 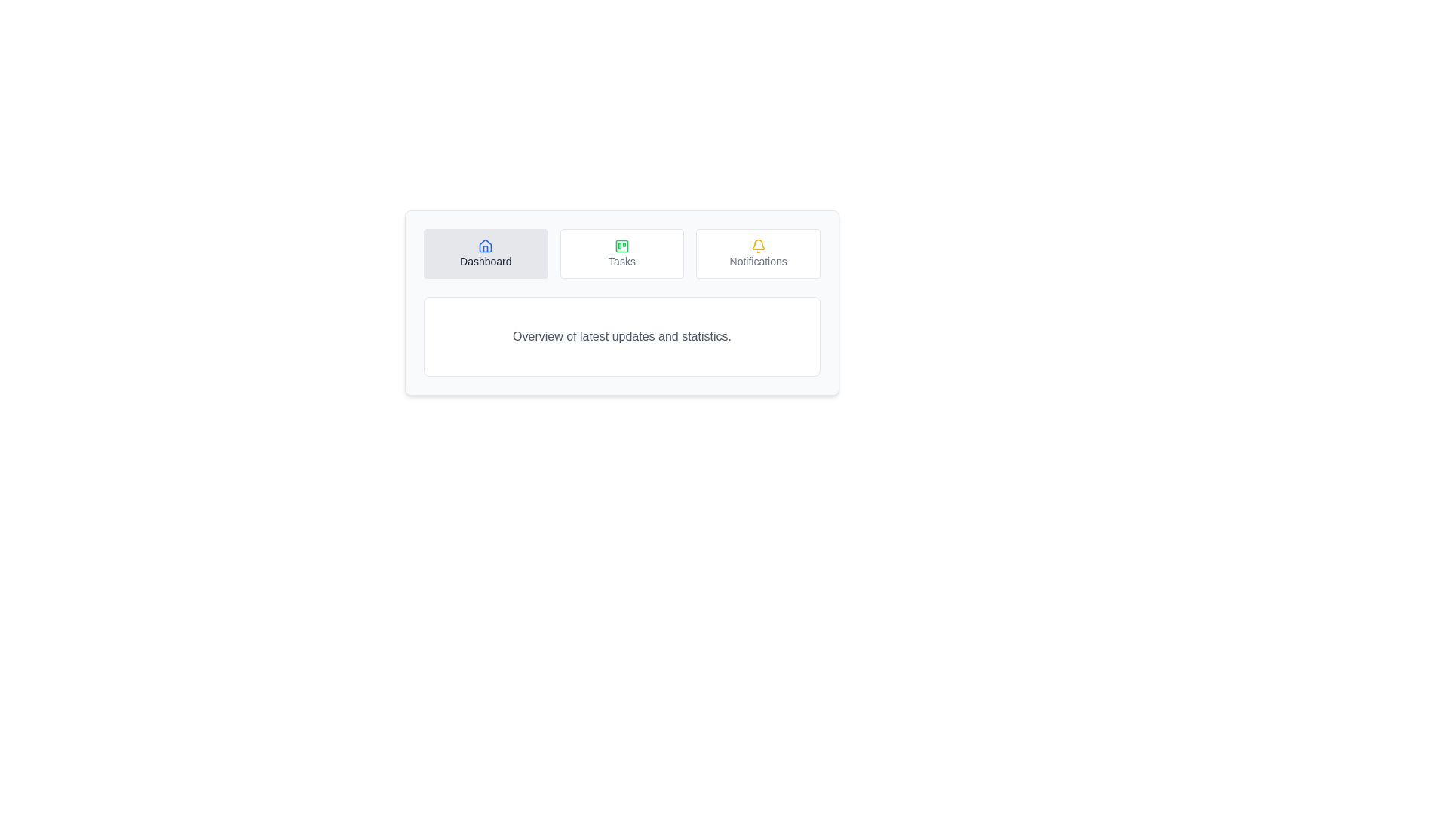 What do you see at coordinates (485, 252) in the screenshot?
I see `the Dashboard tab by clicking its button` at bounding box center [485, 252].